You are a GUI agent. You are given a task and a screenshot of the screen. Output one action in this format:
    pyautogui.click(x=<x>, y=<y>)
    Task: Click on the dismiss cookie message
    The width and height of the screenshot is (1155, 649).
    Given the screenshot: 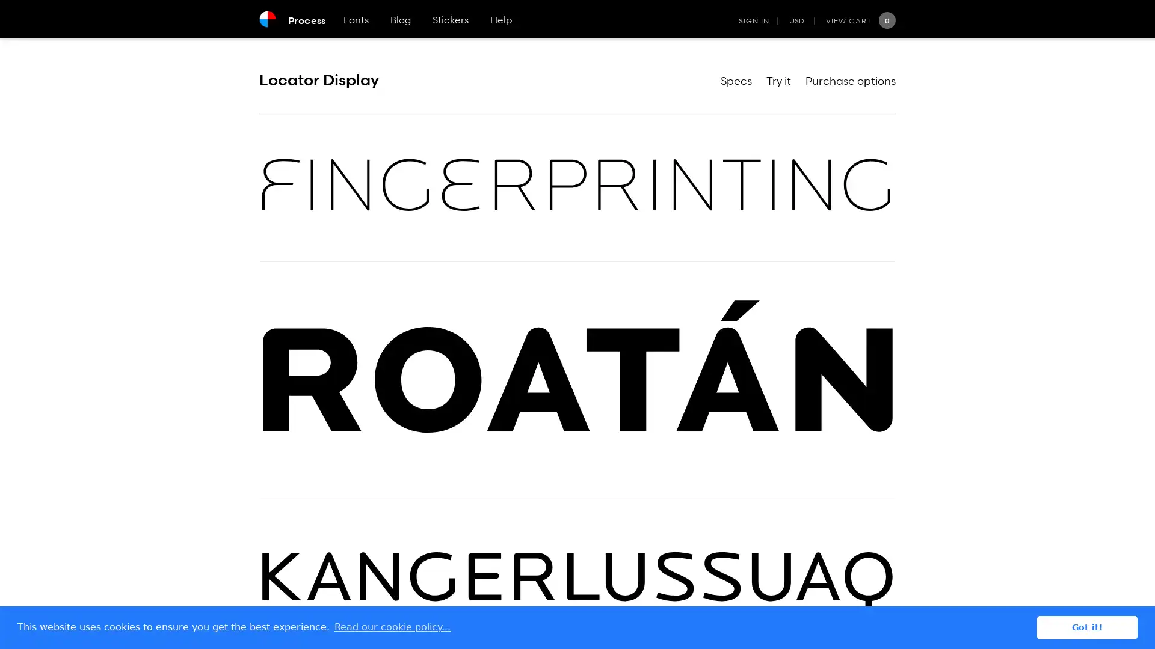 What is the action you would take?
    pyautogui.click(x=1087, y=627)
    